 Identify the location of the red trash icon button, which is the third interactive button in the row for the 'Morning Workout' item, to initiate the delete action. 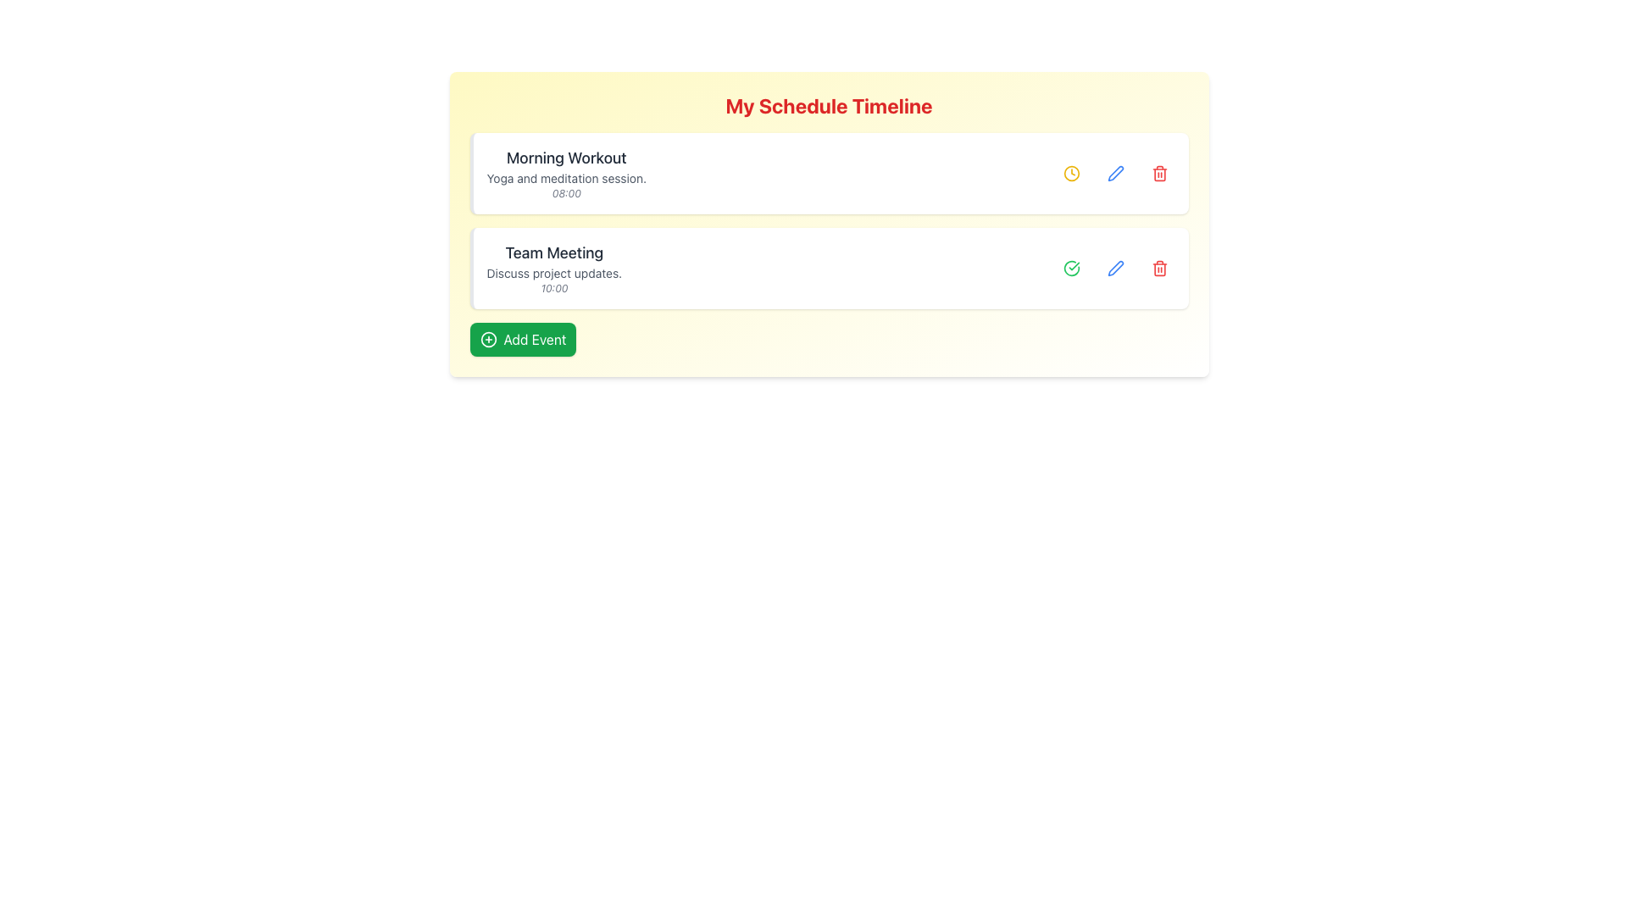
(1158, 173).